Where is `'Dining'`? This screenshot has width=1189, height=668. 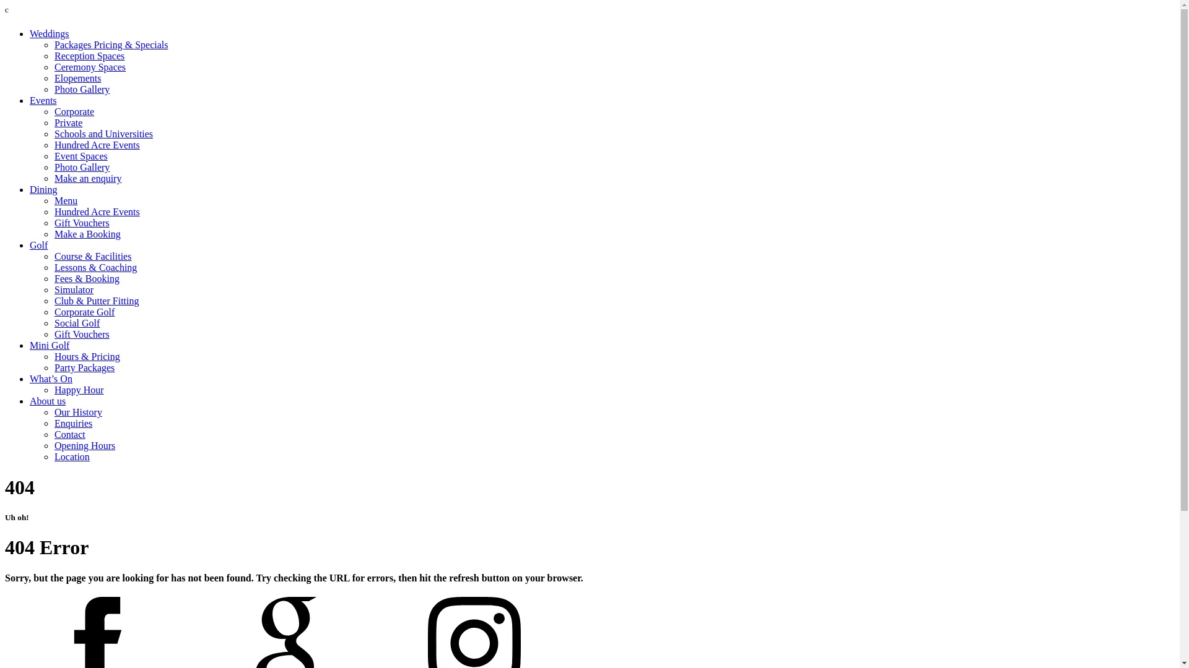
'Dining' is located at coordinates (43, 189).